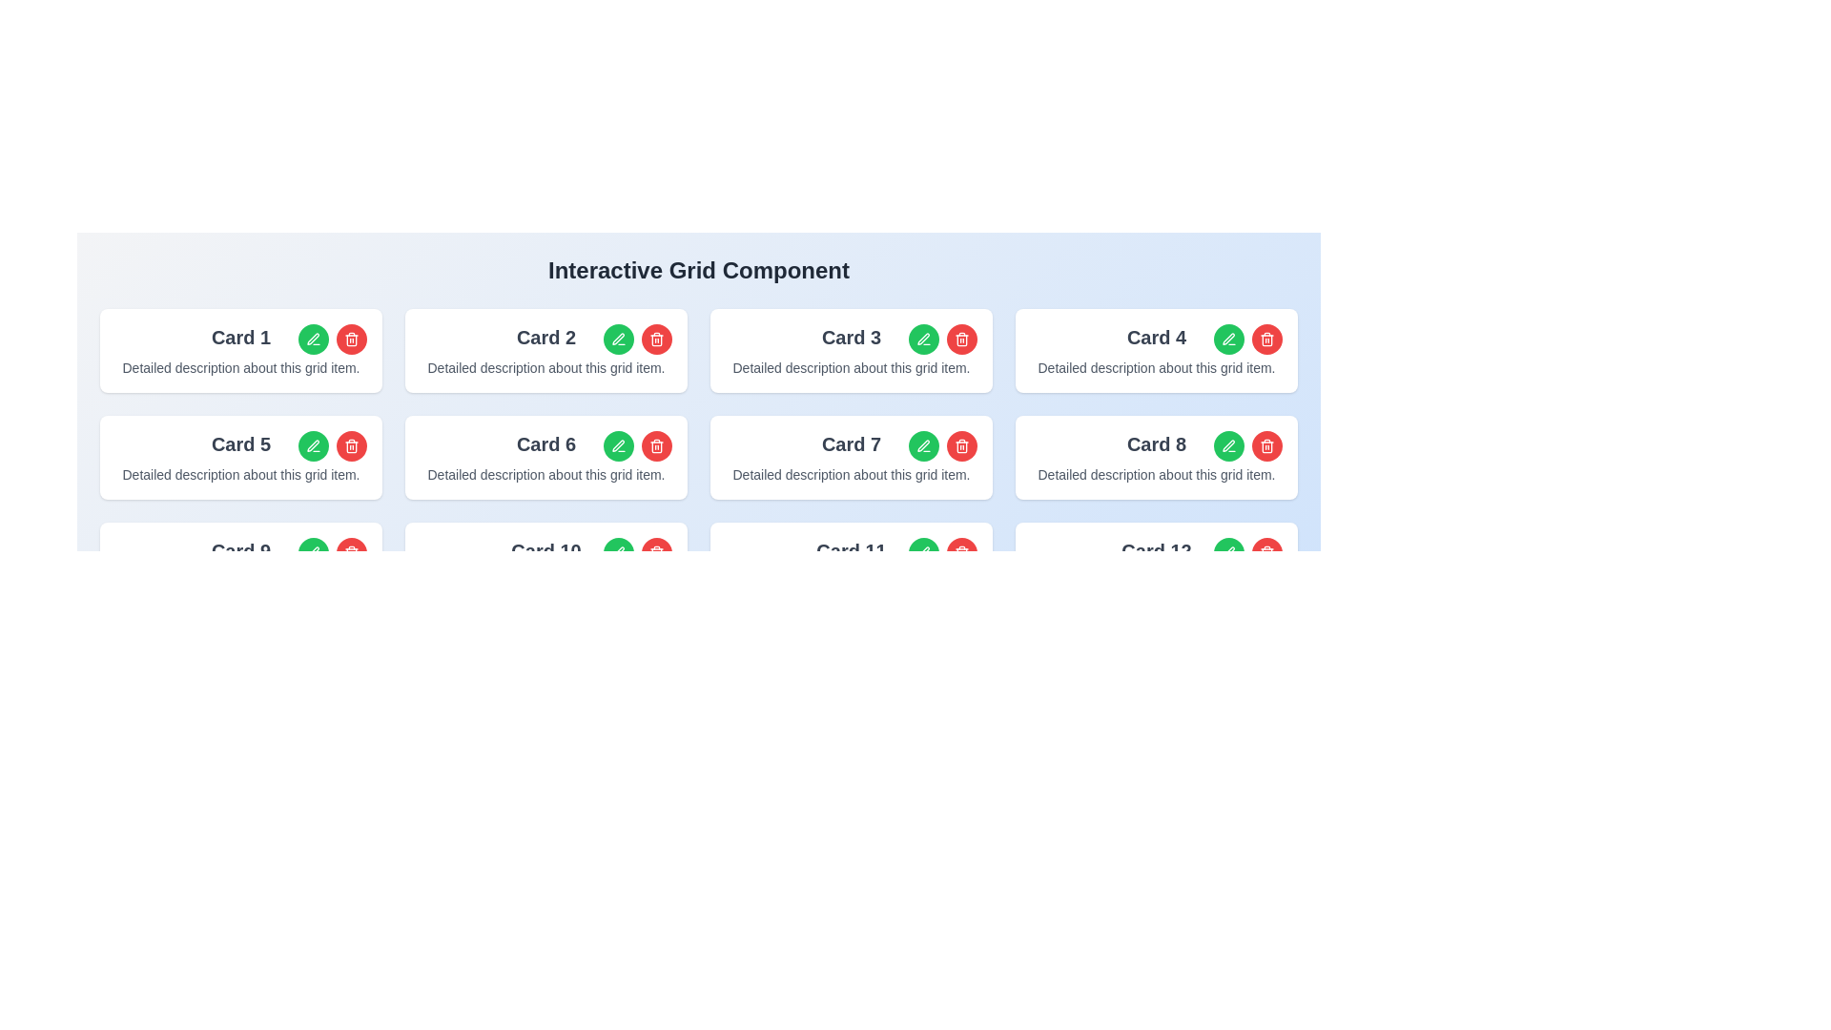  What do you see at coordinates (618, 338) in the screenshot?
I see `the edit action icon located on the right side of the second card in the first row of the grid` at bounding box center [618, 338].